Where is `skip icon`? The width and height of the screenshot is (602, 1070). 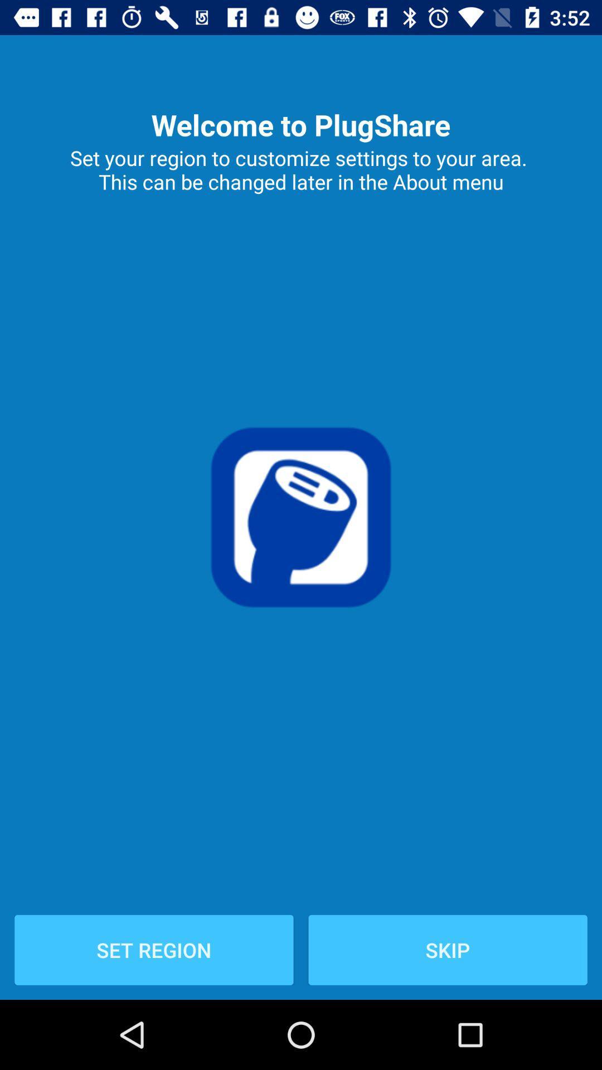 skip icon is located at coordinates (447, 949).